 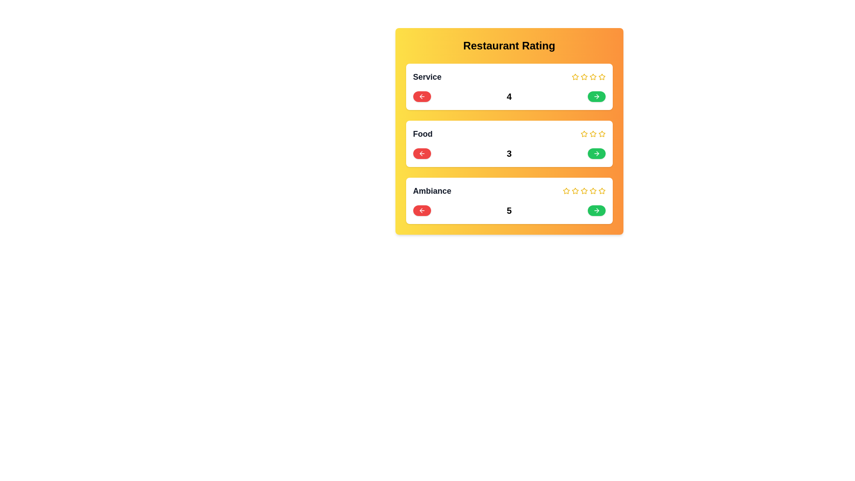 I want to click on the leftward-pointing arrow icon with a red circular background located on the left side of the 'Service' row in the 'Restaurant Rating' interface, so click(x=421, y=96).